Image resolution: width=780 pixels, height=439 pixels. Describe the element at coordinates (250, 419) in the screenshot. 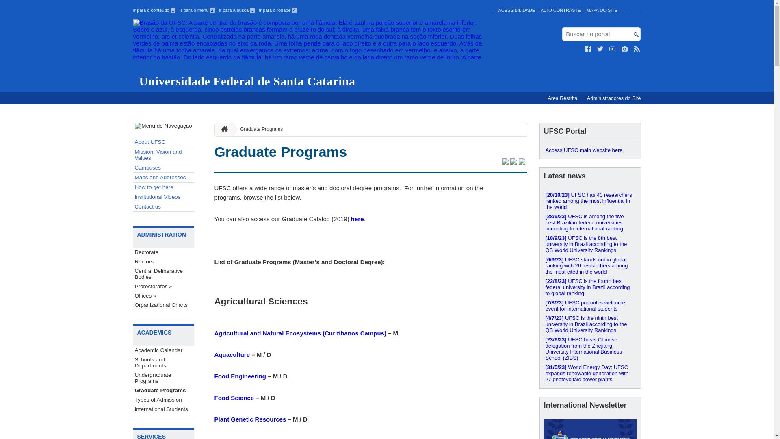

I see `'Plant Genetic Resources'` at that location.